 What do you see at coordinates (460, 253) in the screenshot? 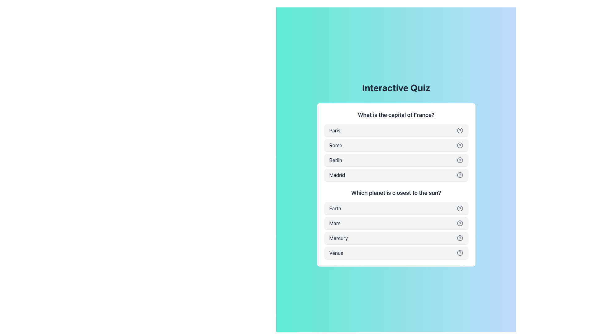
I see `the circular Help or information icon with a question mark, located next to the text option 'Venus'` at bounding box center [460, 253].